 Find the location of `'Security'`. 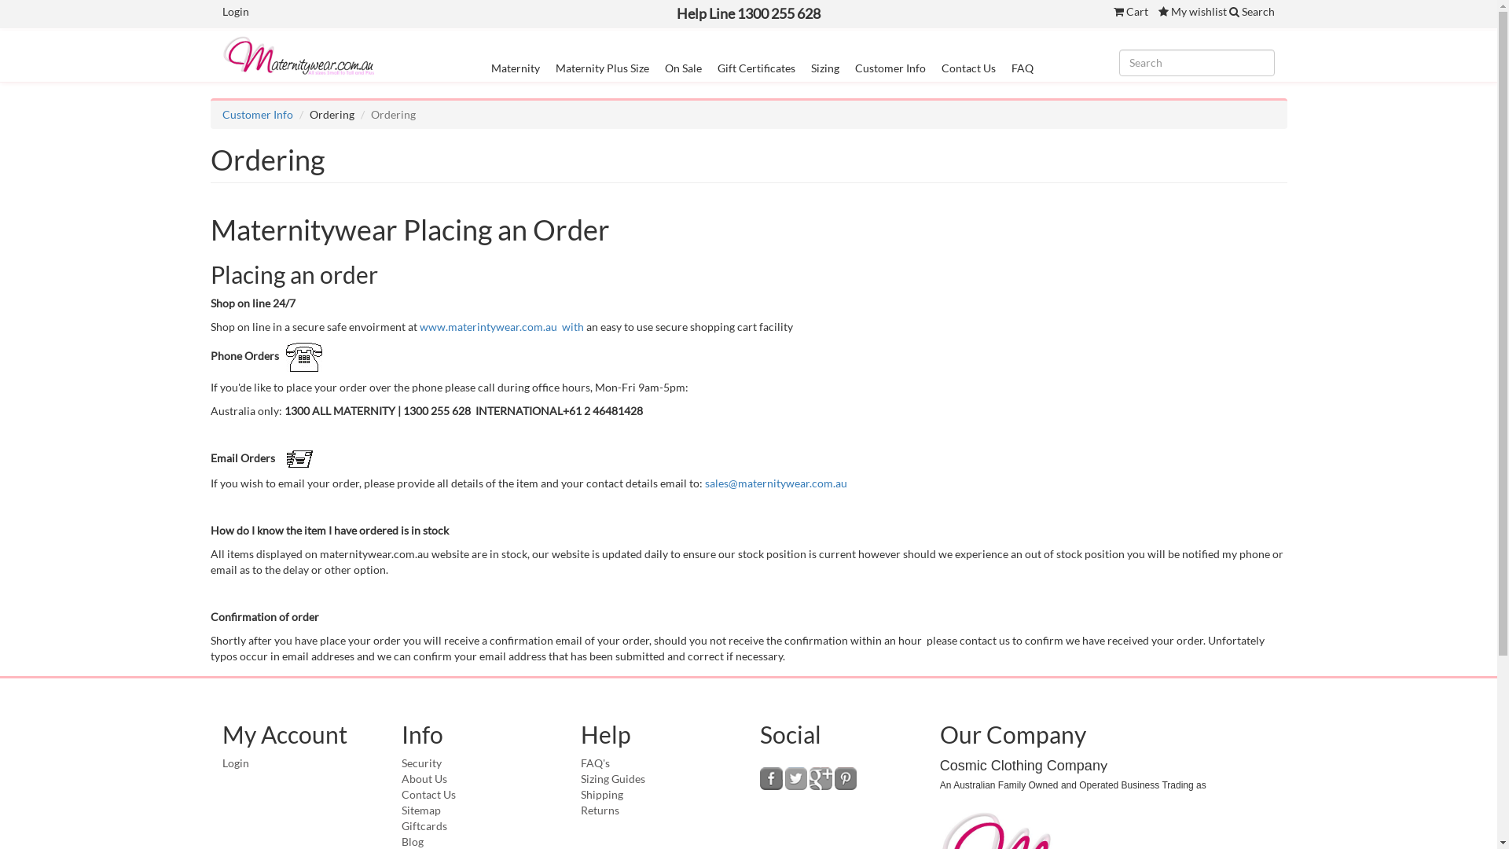

'Security' is located at coordinates (421, 762).